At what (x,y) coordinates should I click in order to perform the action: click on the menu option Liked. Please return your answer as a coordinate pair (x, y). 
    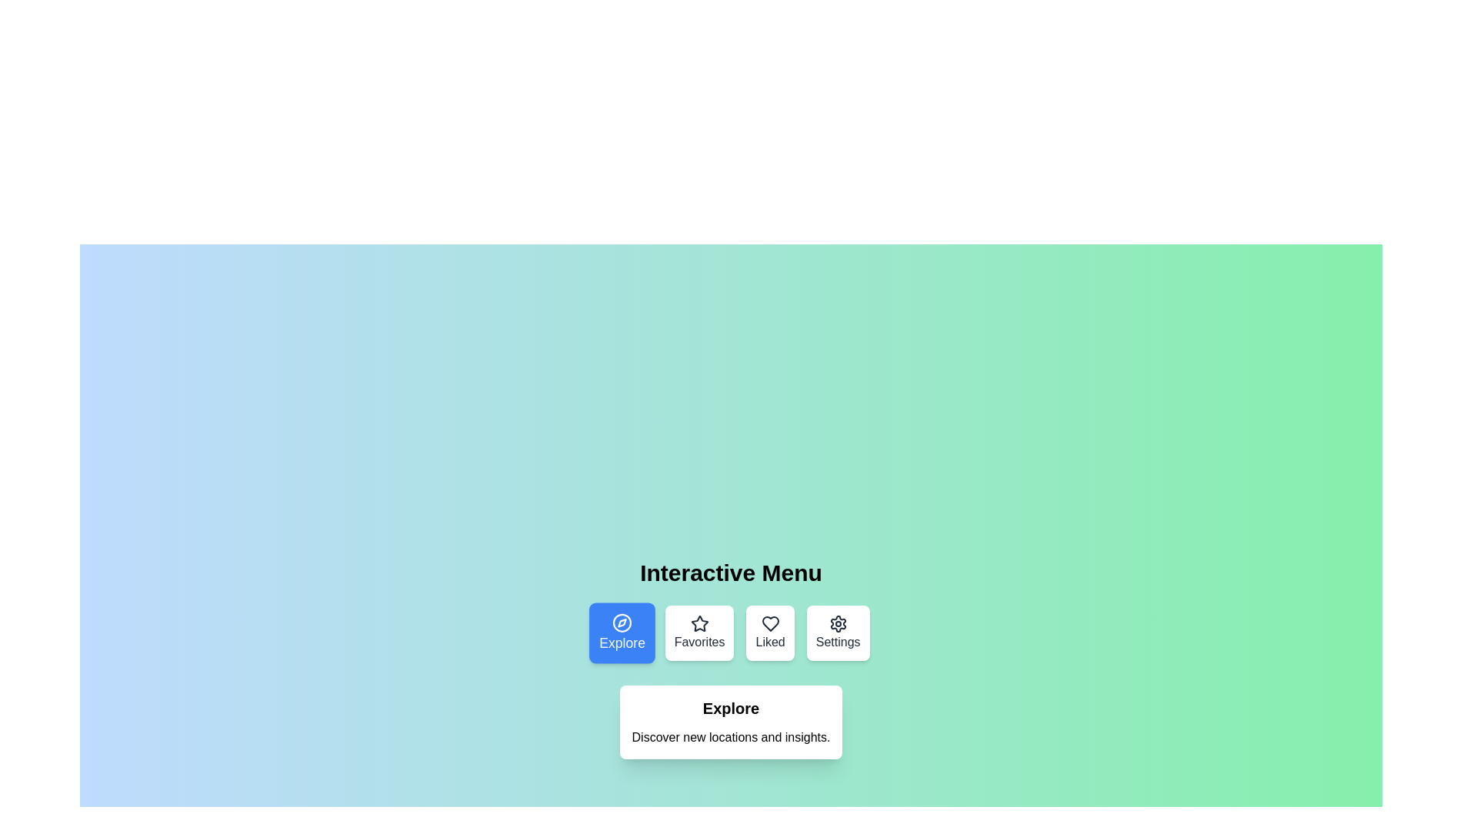
    Looking at the image, I should click on (770, 633).